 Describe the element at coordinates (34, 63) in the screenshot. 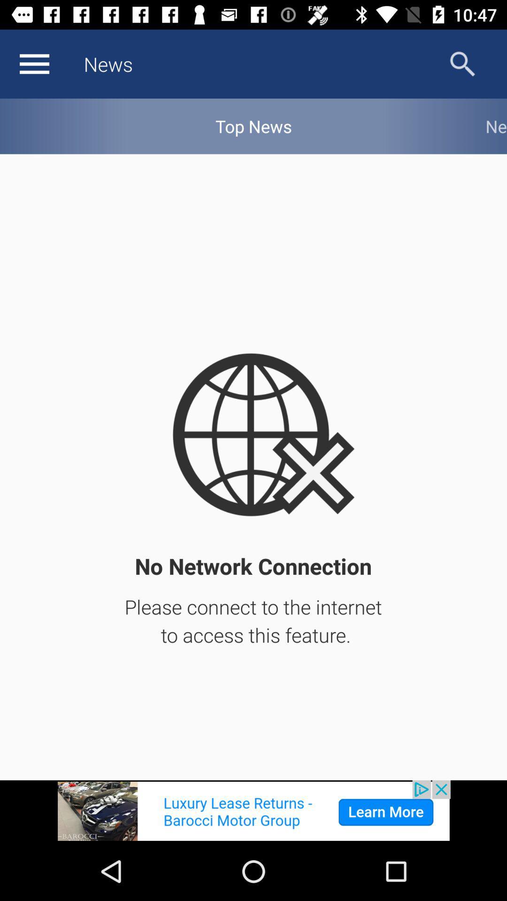

I see `menu` at that location.